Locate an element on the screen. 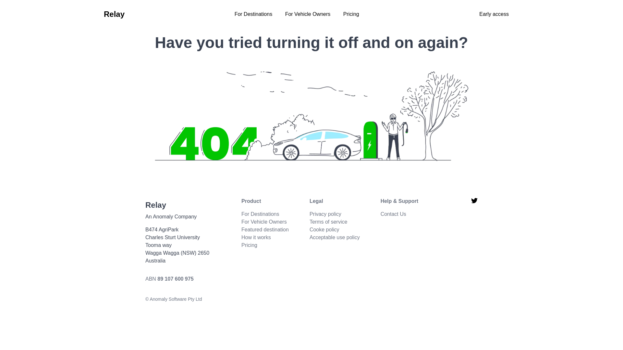 The width and height of the screenshot is (623, 350). 'Cooke policy' is located at coordinates (324, 229).